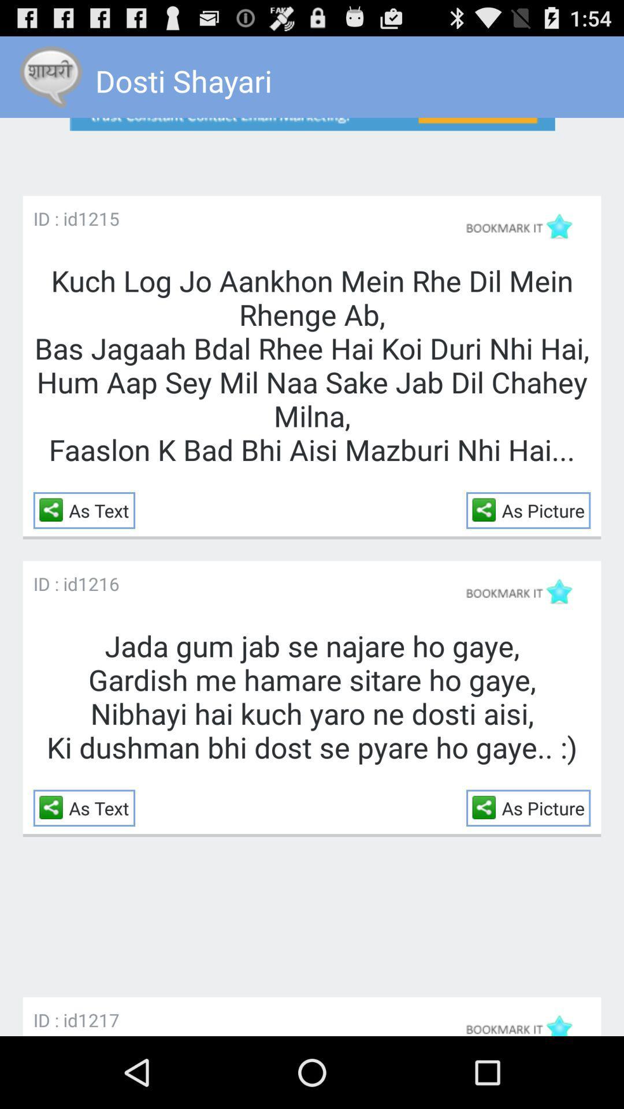  Describe the element at coordinates (487, 509) in the screenshot. I see `icon next to the as picture item` at that location.